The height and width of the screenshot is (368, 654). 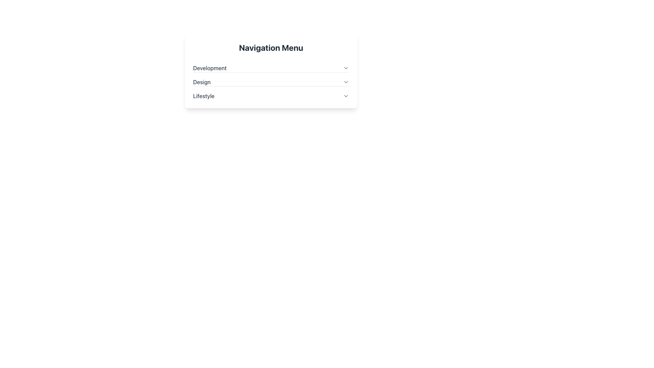 I want to click on the dropdown toggle icon located at the top entry of the navigation menu, aligned with the text 'Development', so click(x=346, y=68).